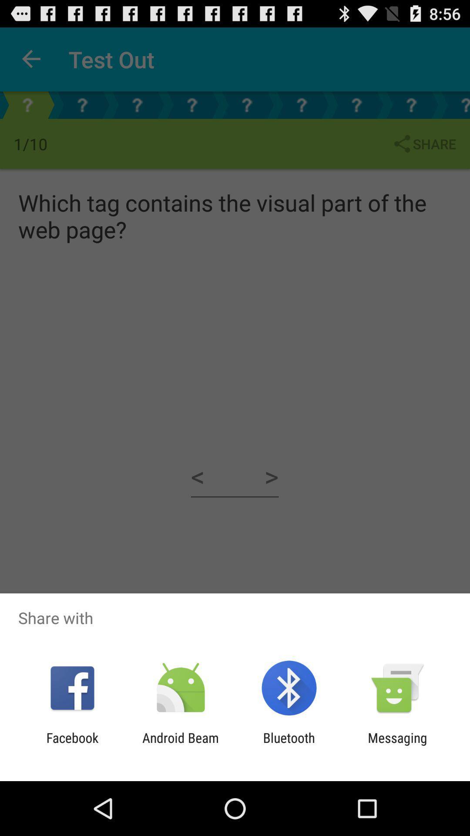 The height and width of the screenshot is (836, 470). I want to click on app to the left of the android beam, so click(72, 745).